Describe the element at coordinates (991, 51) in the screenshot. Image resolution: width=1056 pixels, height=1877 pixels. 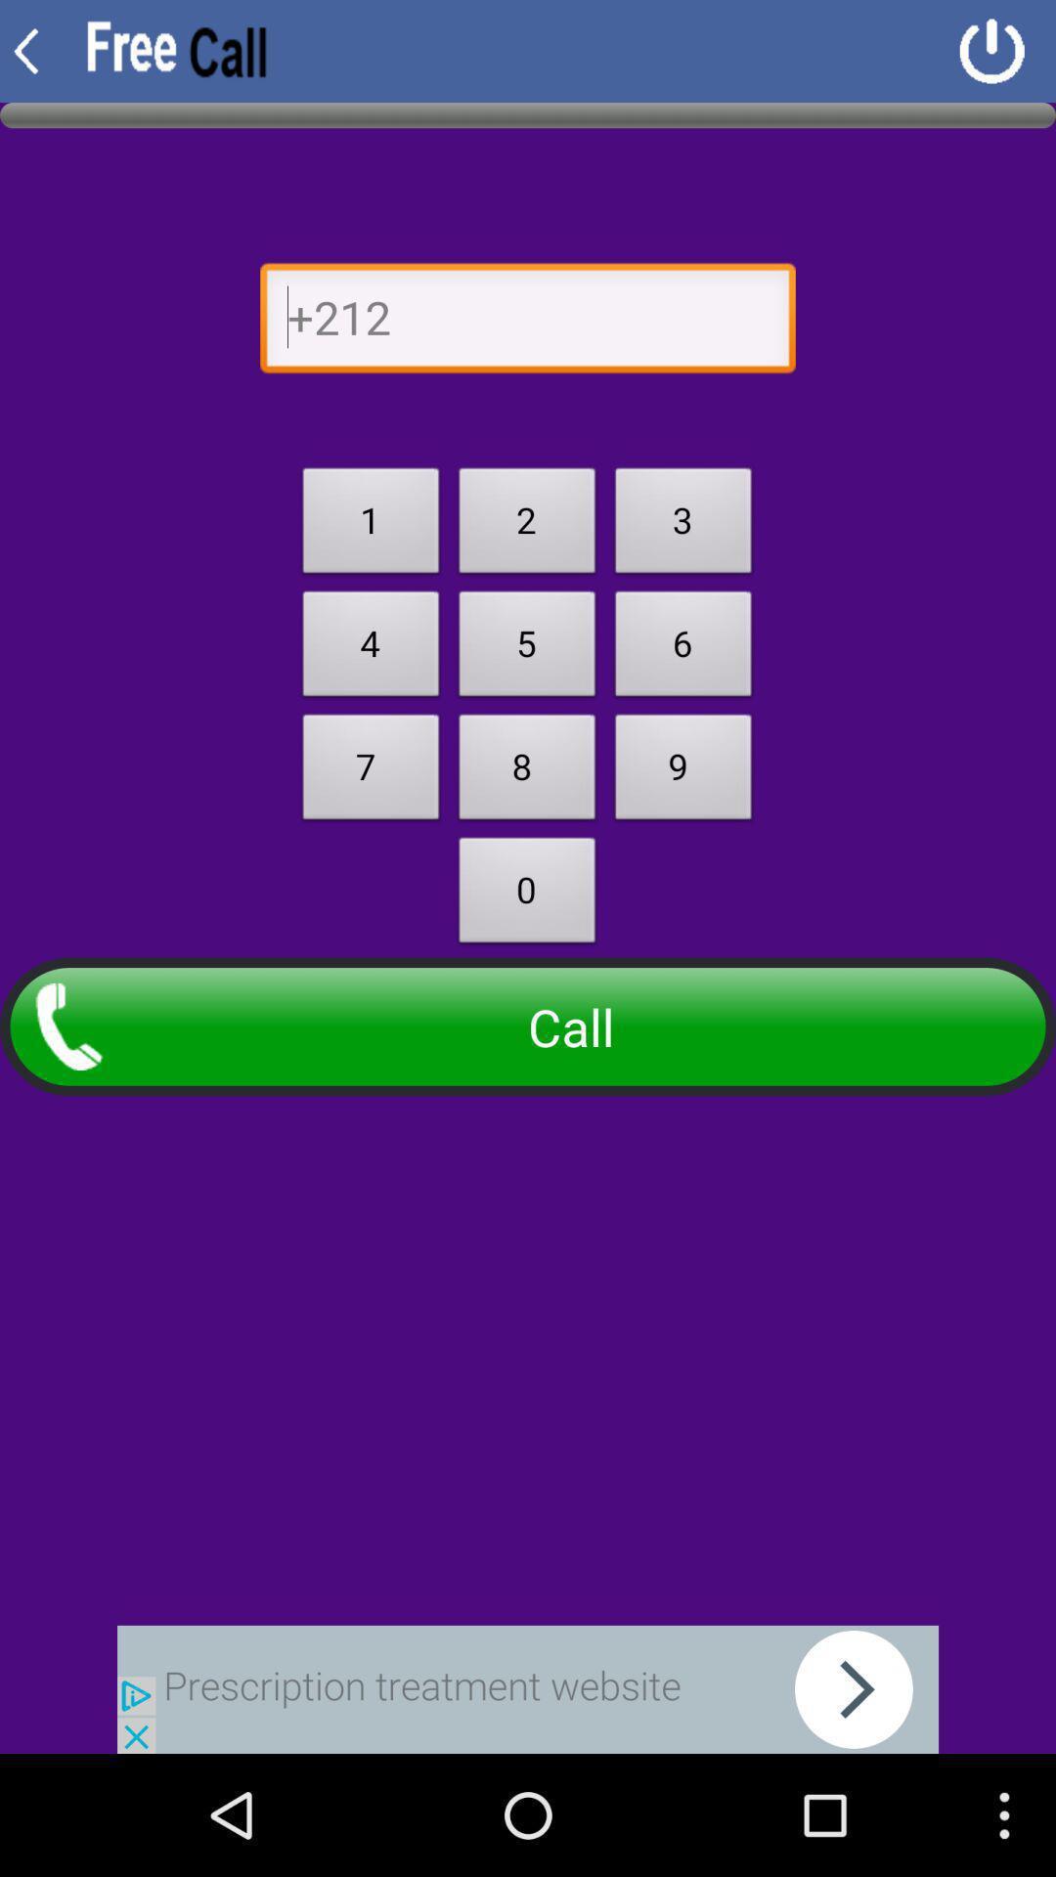
I see `logout` at that location.